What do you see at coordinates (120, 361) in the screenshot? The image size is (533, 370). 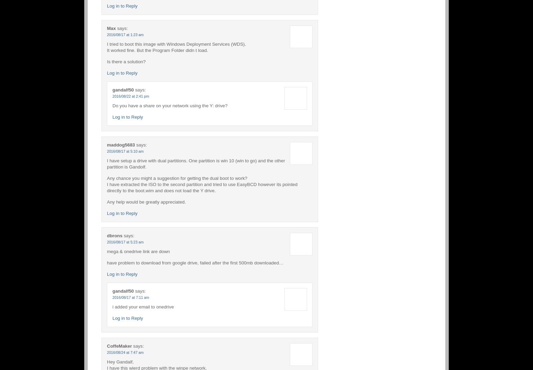 I see `'Hey Gandalf,'` at bounding box center [120, 361].